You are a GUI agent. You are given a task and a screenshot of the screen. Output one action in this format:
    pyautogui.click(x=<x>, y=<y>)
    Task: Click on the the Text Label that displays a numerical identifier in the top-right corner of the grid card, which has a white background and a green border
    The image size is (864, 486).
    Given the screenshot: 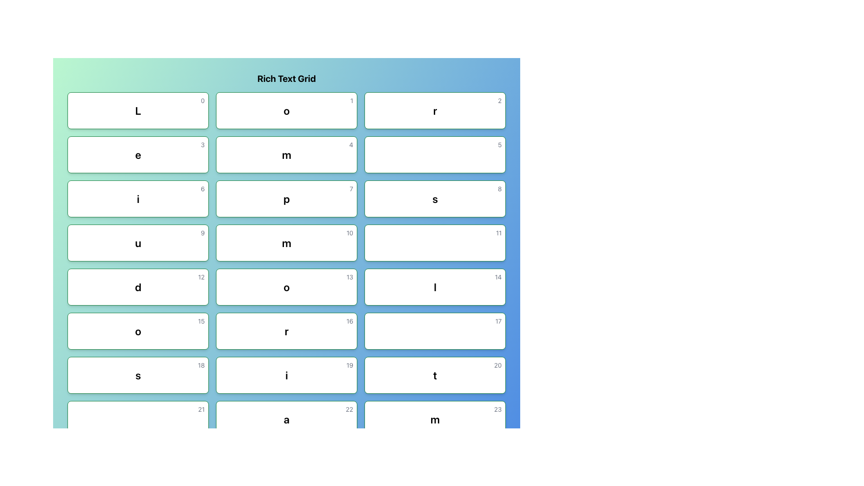 What is the action you would take?
    pyautogui.click(x=497, y=365)
    